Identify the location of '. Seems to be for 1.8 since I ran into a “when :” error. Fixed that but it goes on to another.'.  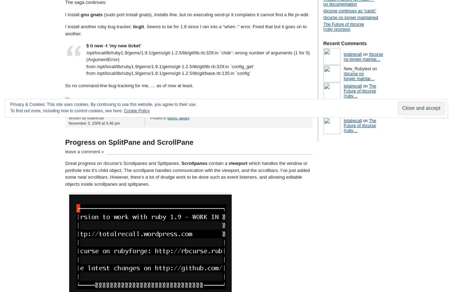
(185, 30).